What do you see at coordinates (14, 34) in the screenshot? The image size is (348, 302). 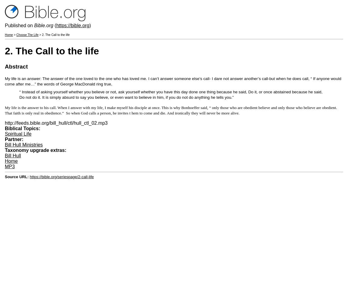 I see `'>'` at bounding box center [14, 34].